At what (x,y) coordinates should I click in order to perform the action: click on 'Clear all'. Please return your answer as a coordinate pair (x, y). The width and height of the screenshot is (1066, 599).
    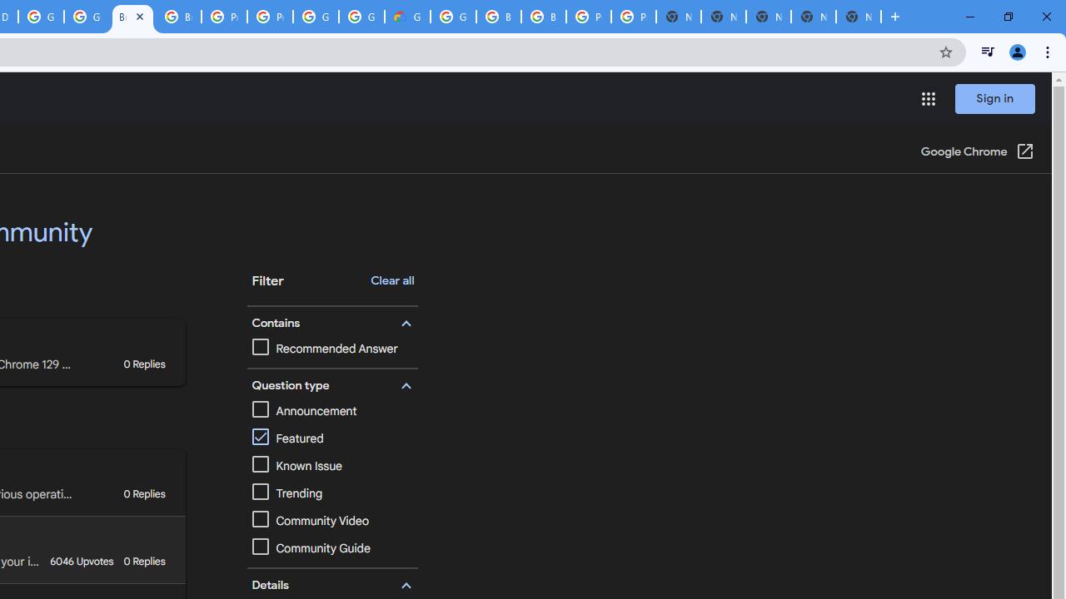
    Looking at the image, I should click on (391, 280).